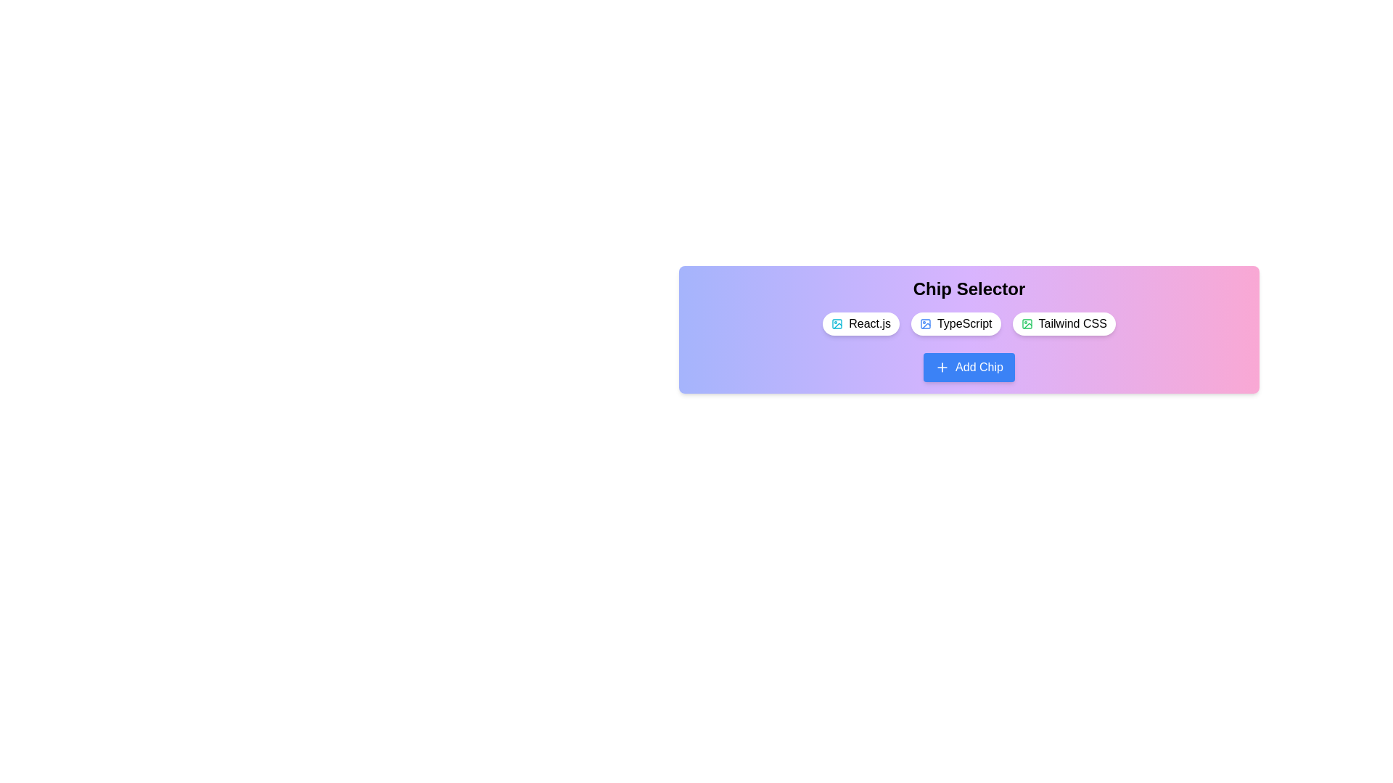 Image resolution: width=1393 pixels, height=783 pixels. I want to click on the 'Add Chip' button with a blue background and rounded corners, so click(969, 366).